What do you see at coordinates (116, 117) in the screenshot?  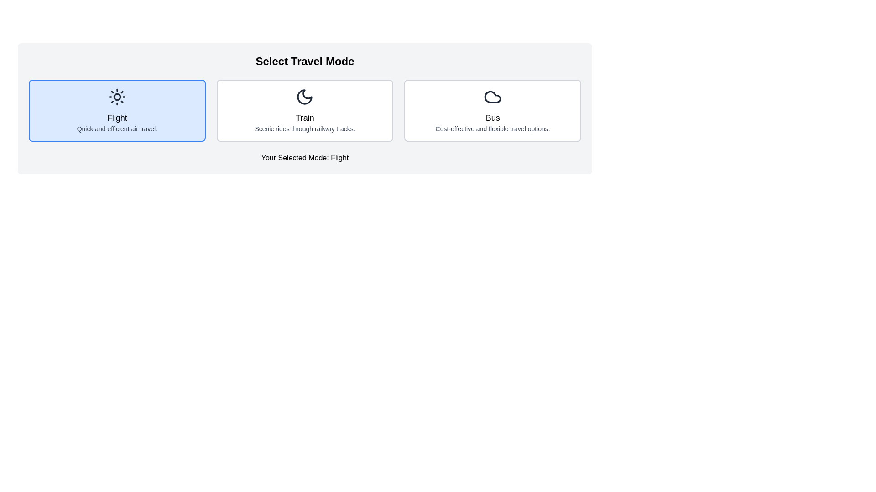 I see `text element labeled 'Flight' that is centered within a blue bordered card above the description text` at bounding box center [116, 117].